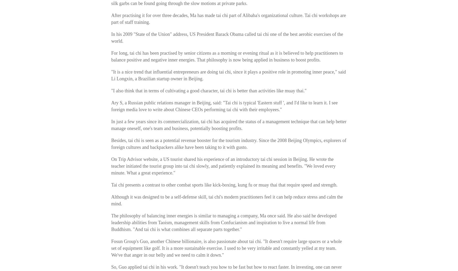  Describe the element at coordinates (209, 91) in the screenshot. I see `'"I also think that in terms of cultivating a good character, tai chi is better than activities like muay thai."'` at that location.